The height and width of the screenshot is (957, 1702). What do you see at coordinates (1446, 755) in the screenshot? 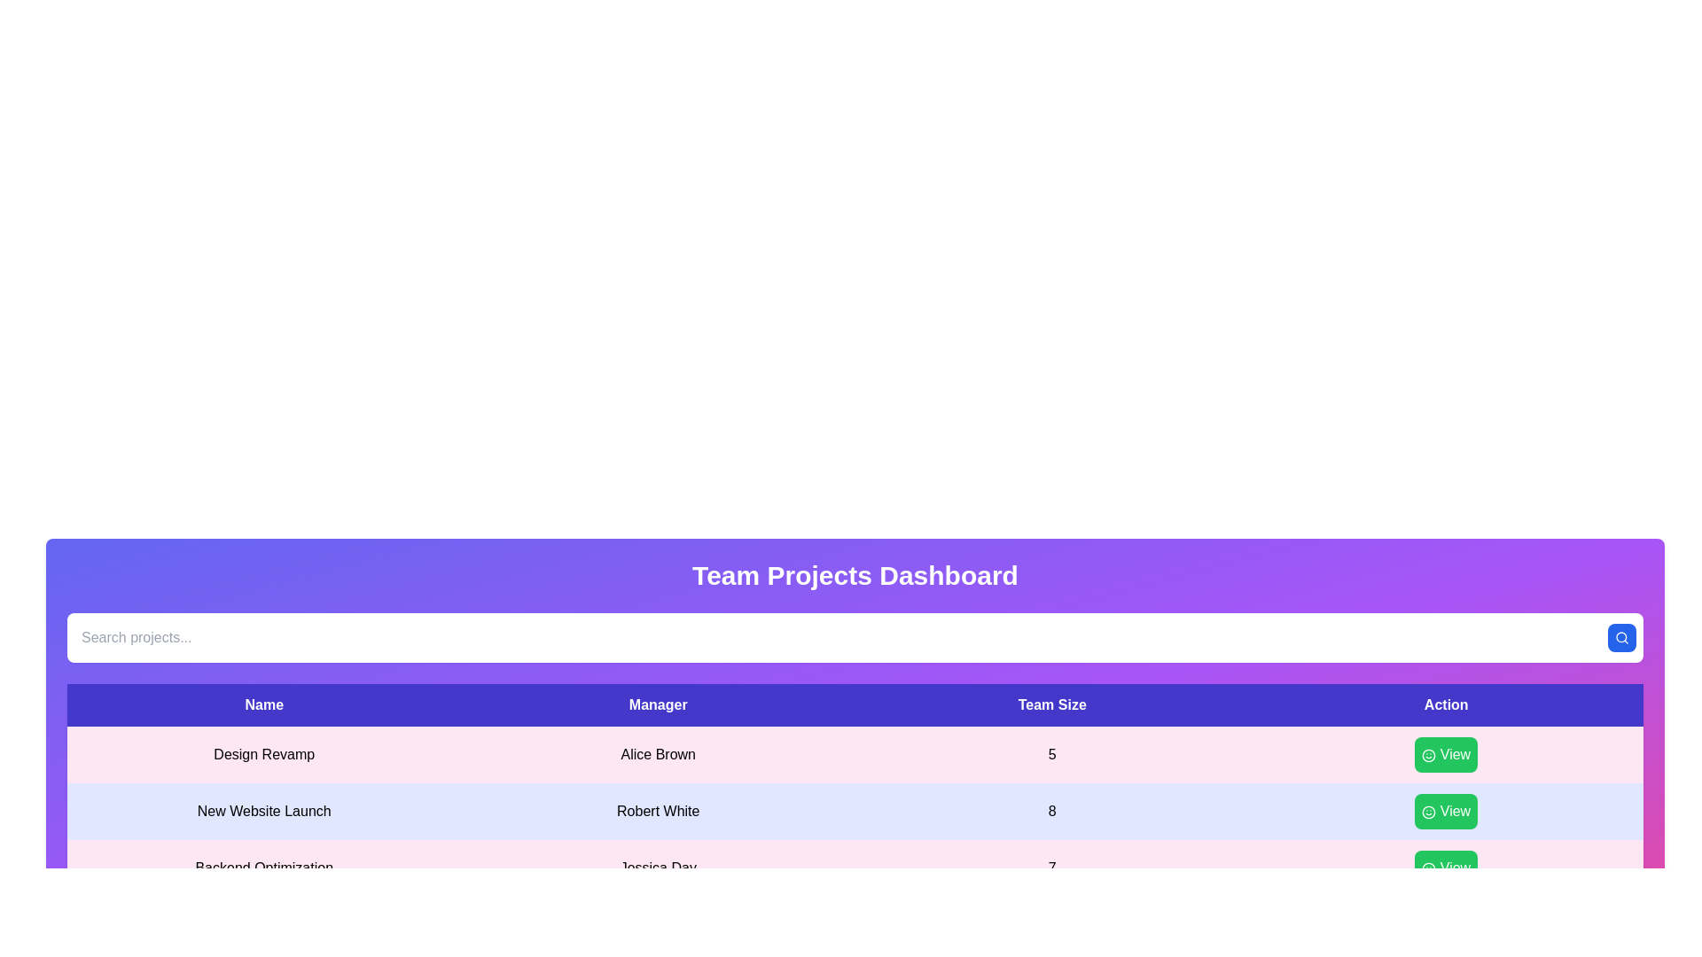
I see `the button in the 'Action' column of the first row` at bounding box center [1446, 755].